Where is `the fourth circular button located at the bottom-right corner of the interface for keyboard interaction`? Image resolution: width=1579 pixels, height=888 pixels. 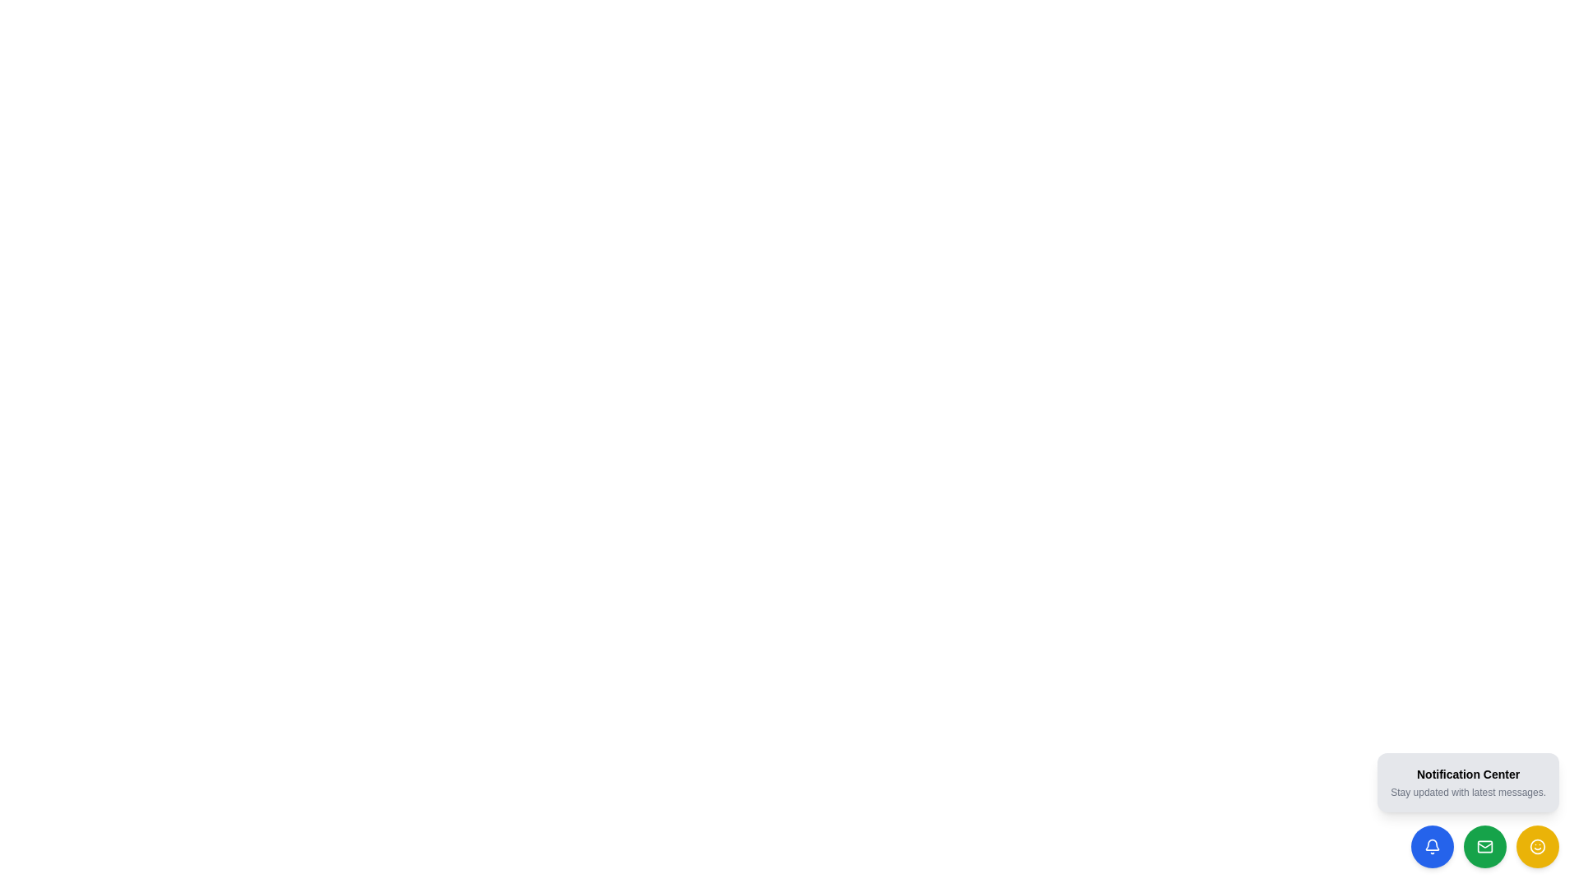
the fourth circular button located at the bottom-right corner of the interface for keyboard interaction is located at coordinates (1537, 846).